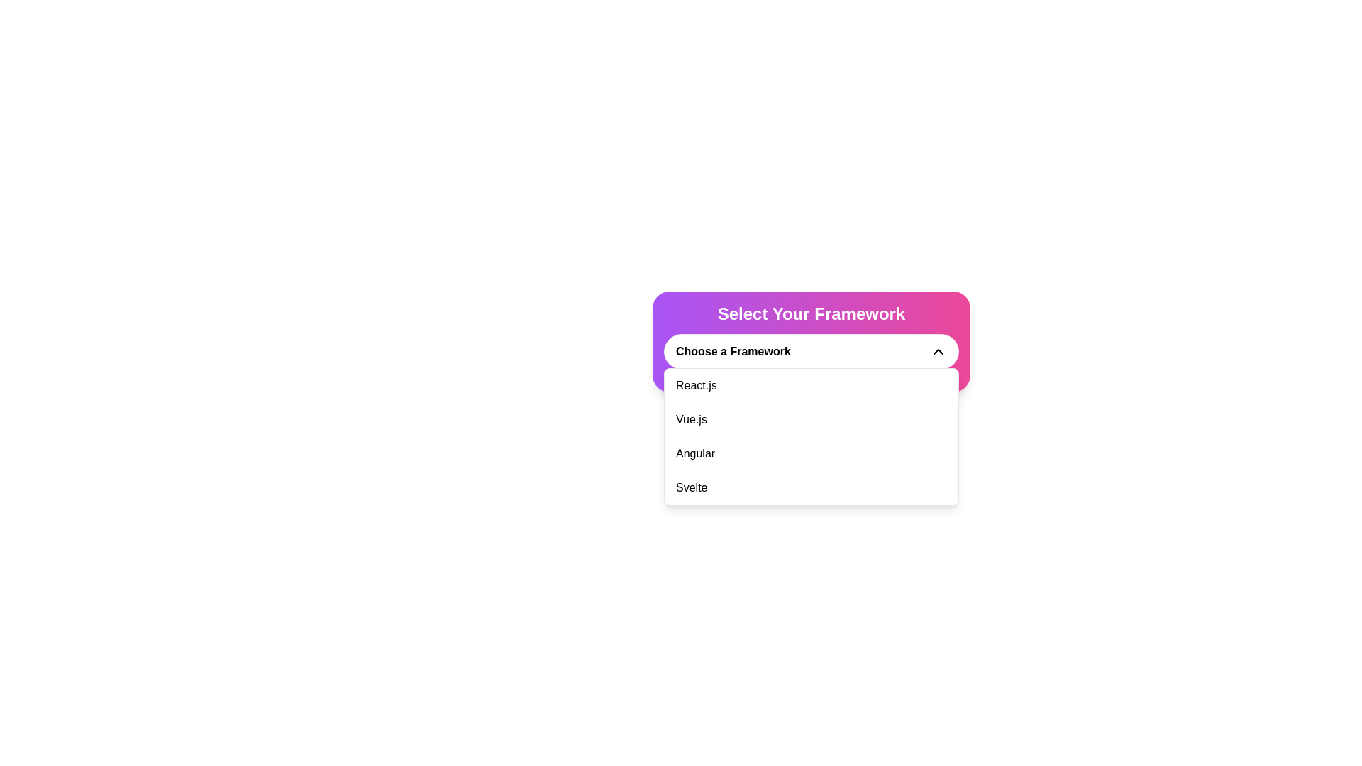  I want to click on the second item in the dropdown list labeled 'Vue.js', so click(811, 418).